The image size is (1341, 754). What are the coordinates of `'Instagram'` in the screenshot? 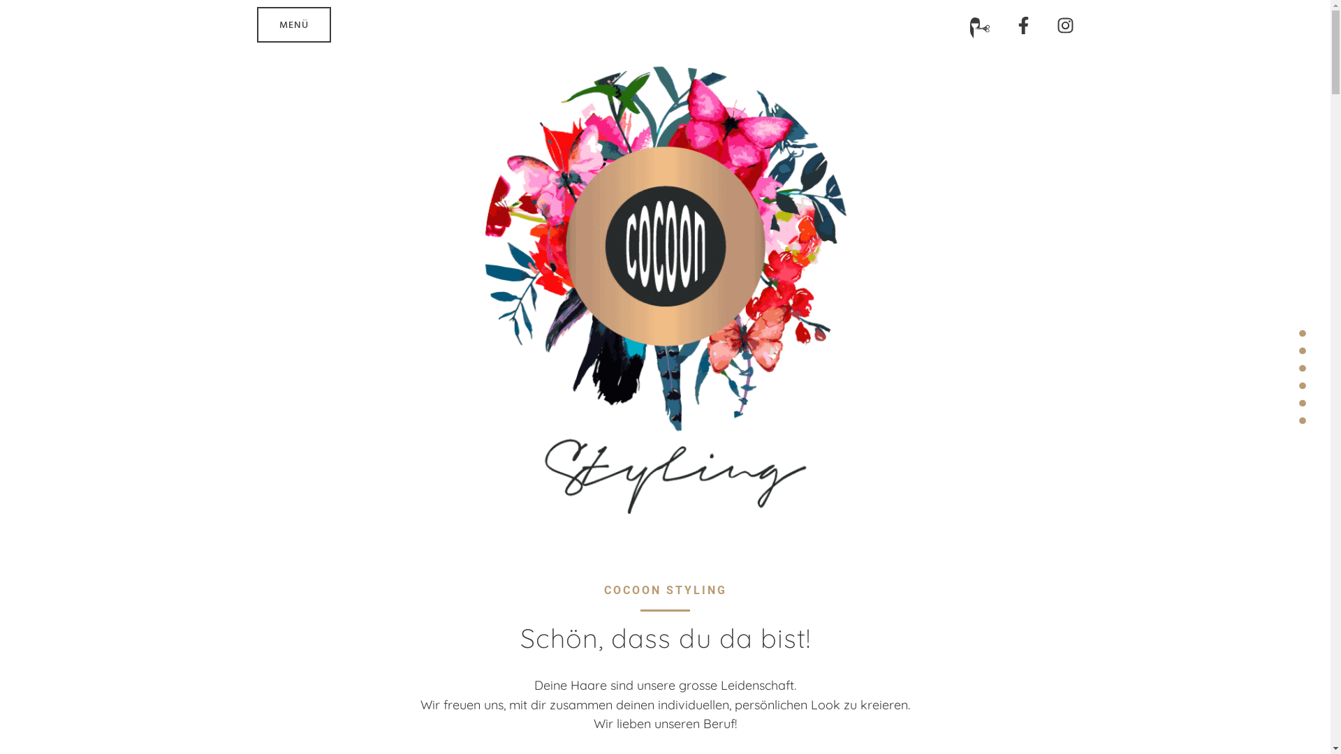 It's located at (1064, 25).